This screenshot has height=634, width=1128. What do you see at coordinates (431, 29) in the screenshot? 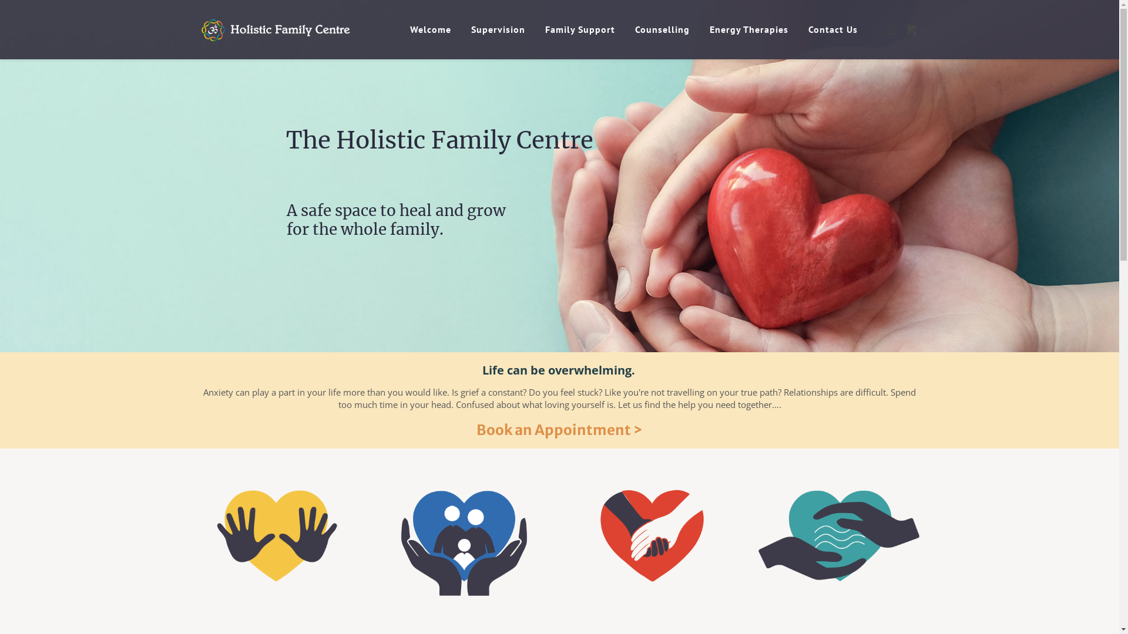
I see `'Welcome'` at bounding box center [431, 29].